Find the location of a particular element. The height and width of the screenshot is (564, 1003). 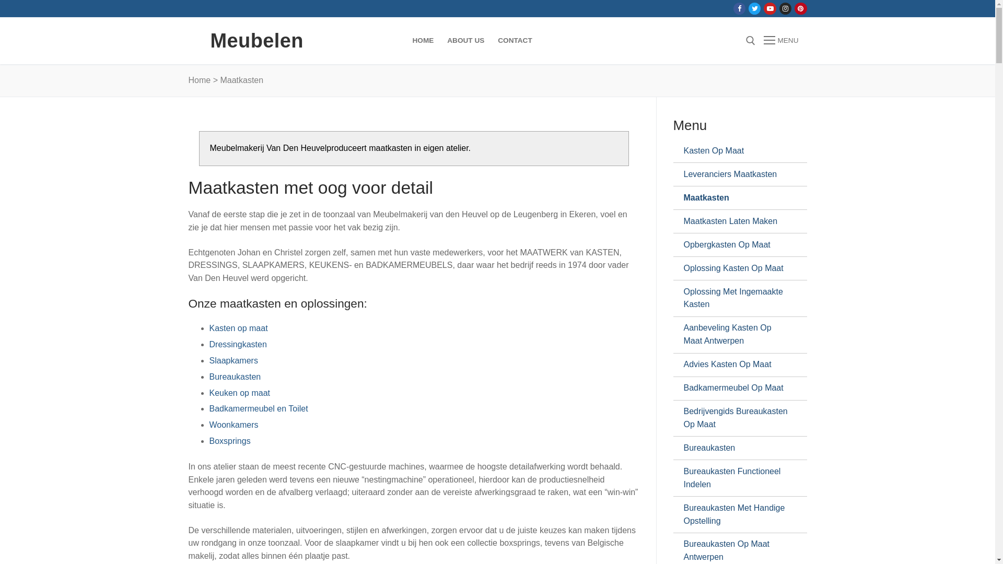

'Oplossing Met Ingemaakte Kasten' is located at coordinates (683, 298).